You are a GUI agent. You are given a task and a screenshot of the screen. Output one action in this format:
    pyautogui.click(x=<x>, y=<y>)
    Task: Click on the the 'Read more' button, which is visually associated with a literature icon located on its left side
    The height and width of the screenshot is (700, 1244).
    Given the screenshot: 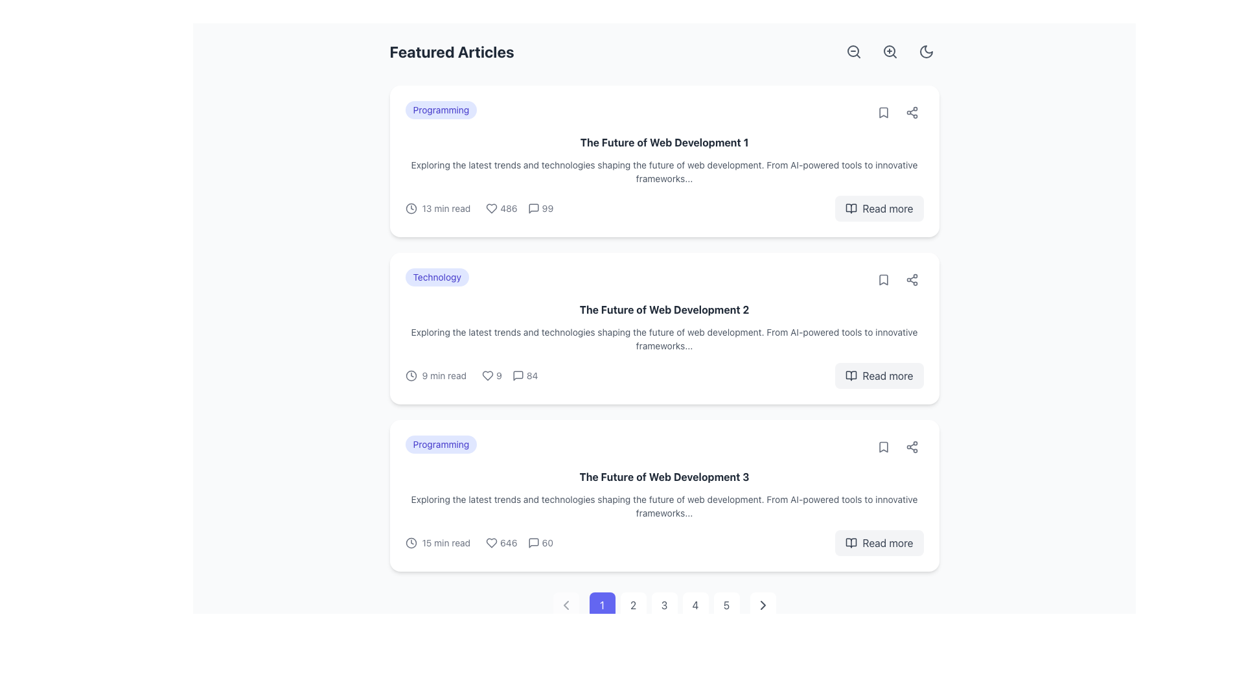 What is the action you would take?
    pyautogui.click(x=851, y=207)
    